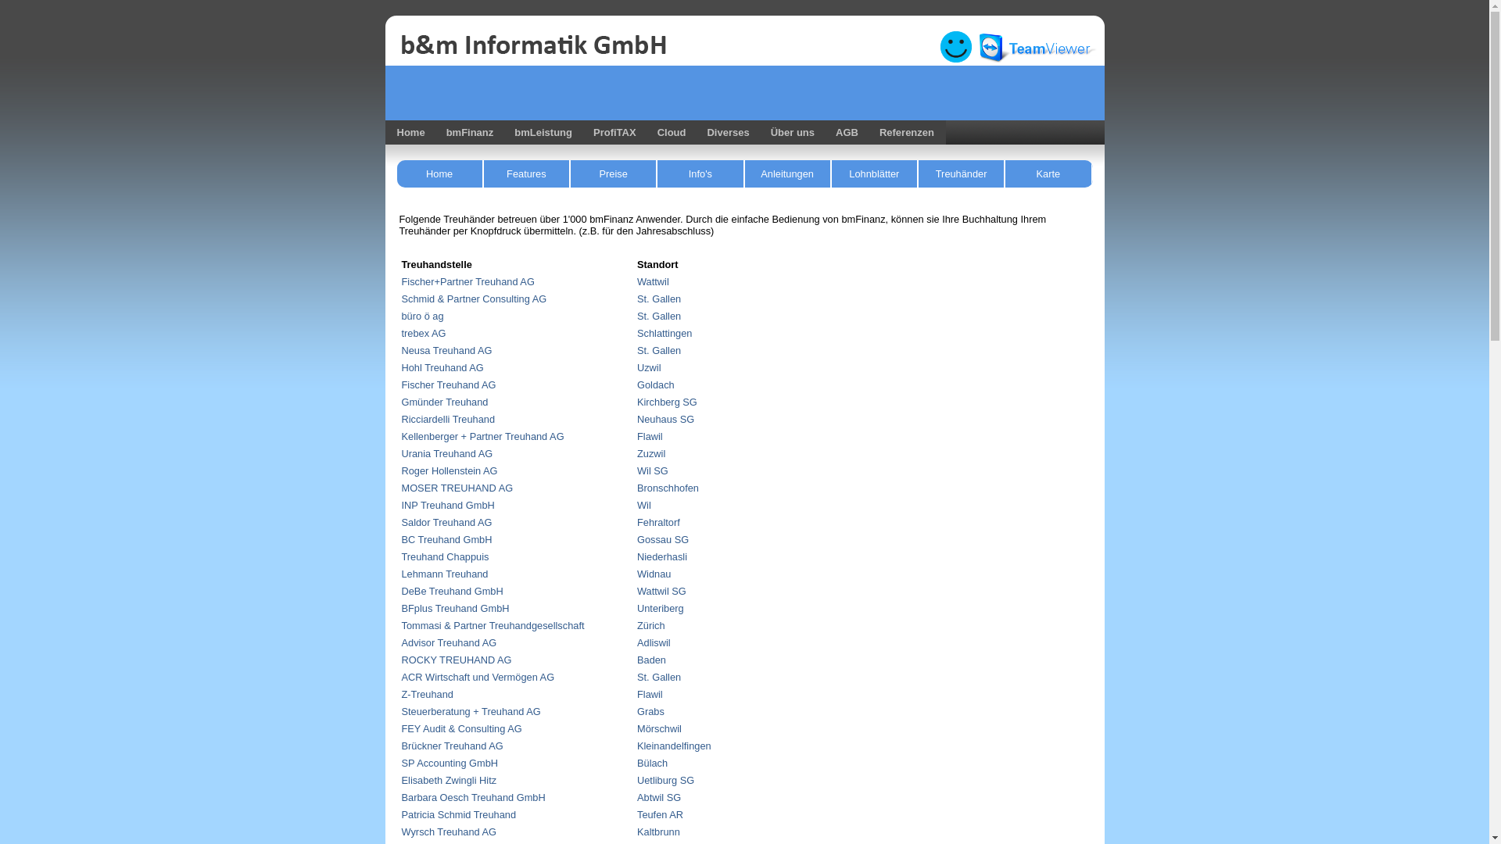 The image size is (1501, 844). Describe the element at coordinates (444, 574) in the screenshot. I see `'Lehmann Treuhand'` at that location.